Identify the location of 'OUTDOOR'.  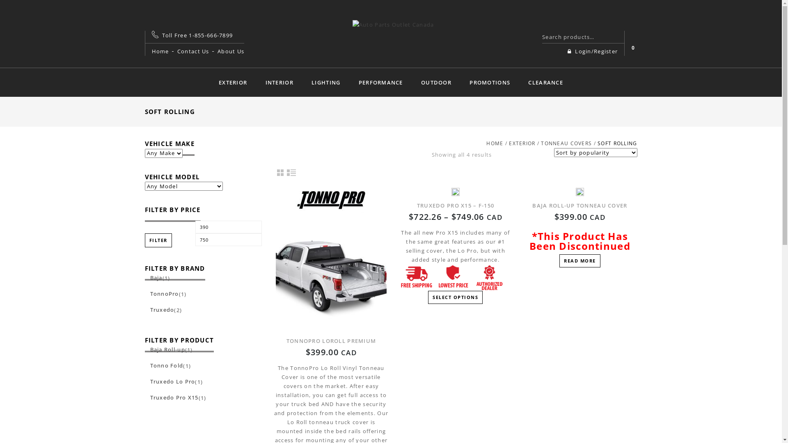
(435, 82).